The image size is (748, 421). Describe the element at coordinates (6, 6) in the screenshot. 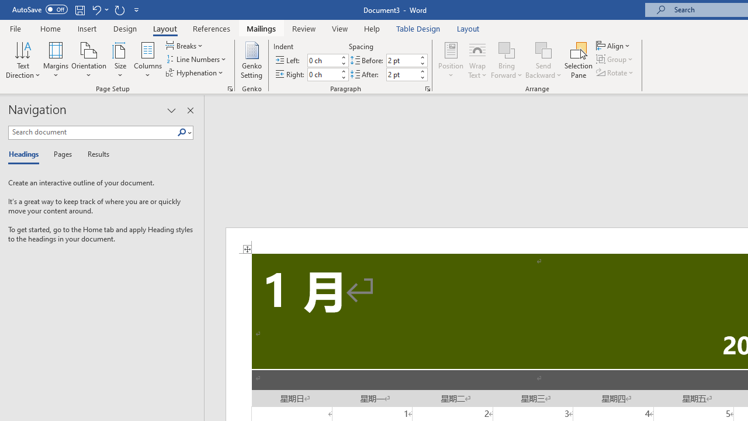

I see `'System'` at that location.